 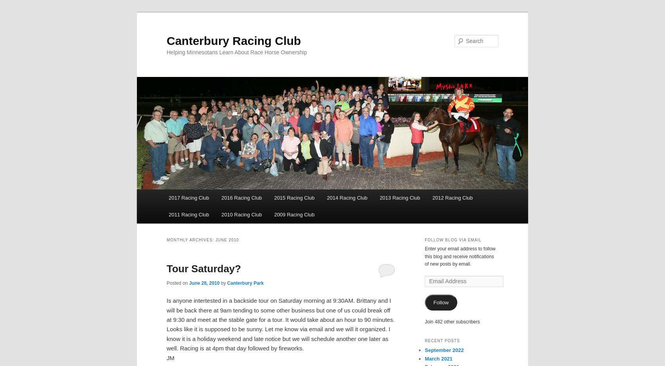 I want to click on 'Monthly Archives:', so click(x=191, y=240).